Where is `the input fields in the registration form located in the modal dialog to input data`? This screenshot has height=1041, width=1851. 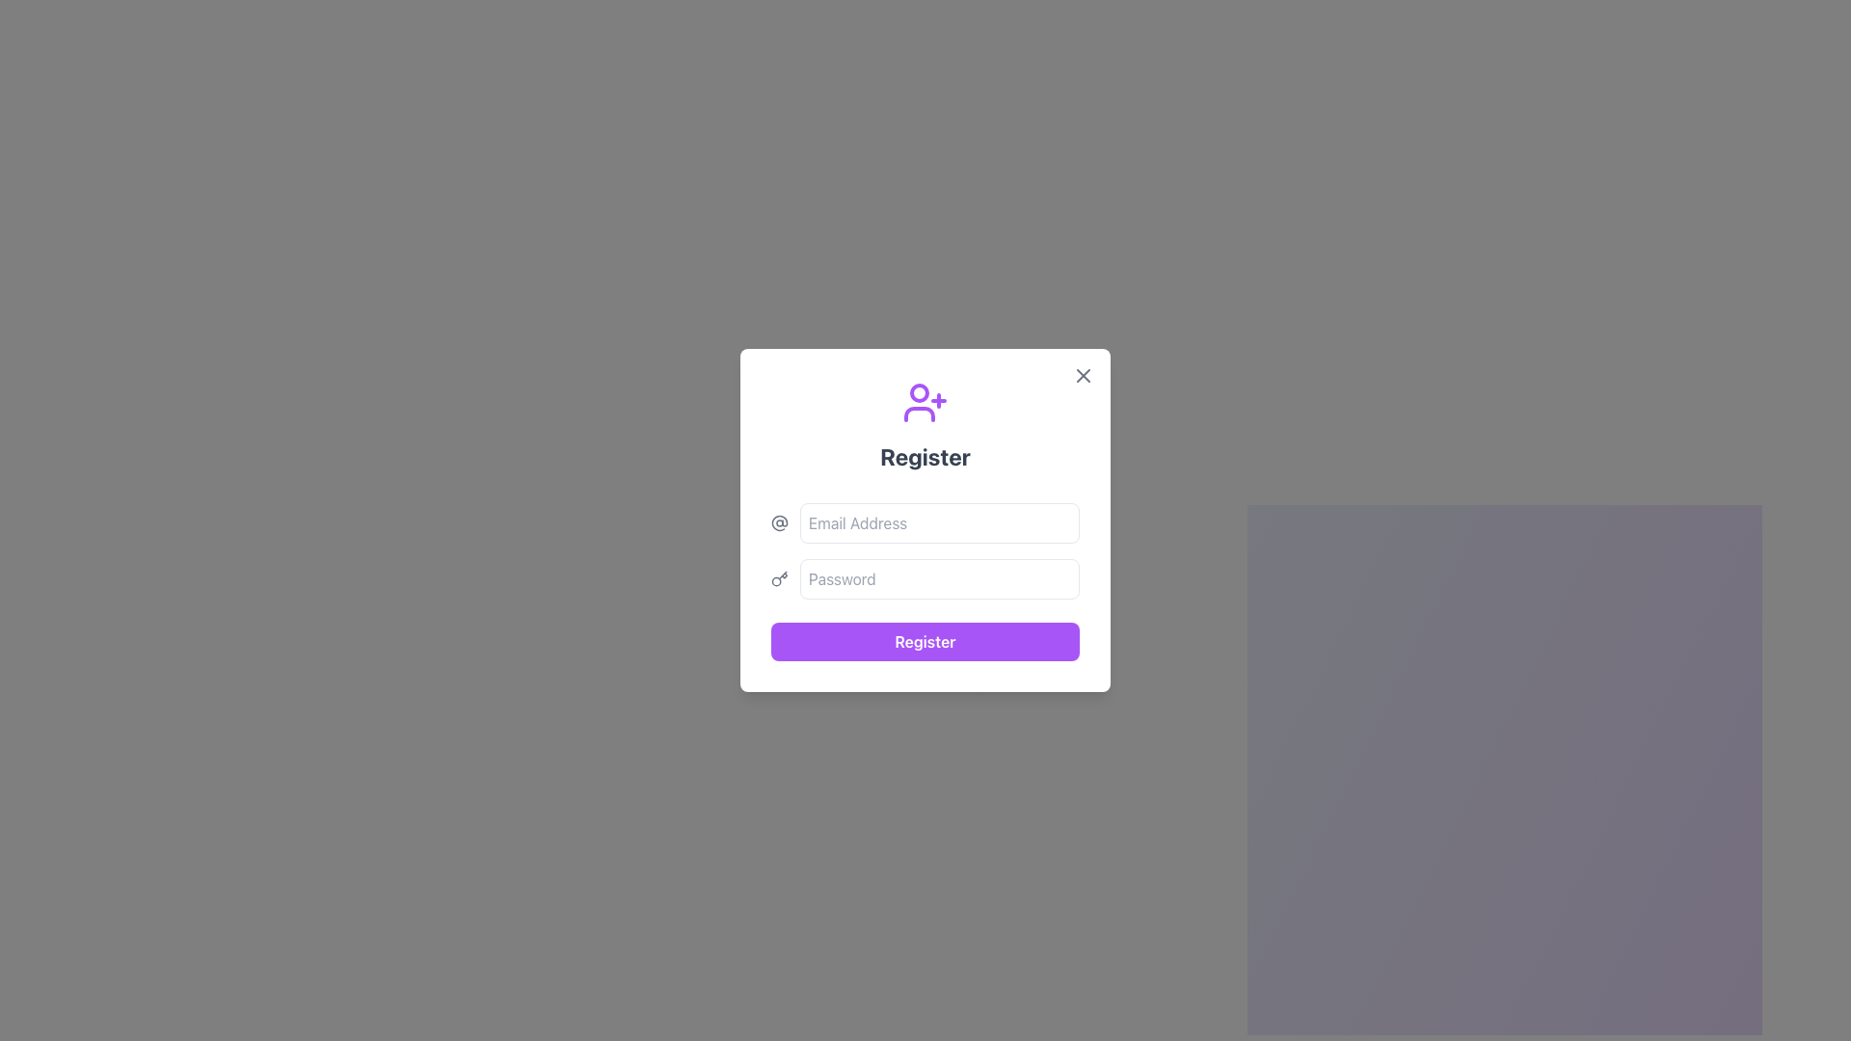 the input fields in the registration form located in the modal dialog to input data is located at coordinates (925, 520).